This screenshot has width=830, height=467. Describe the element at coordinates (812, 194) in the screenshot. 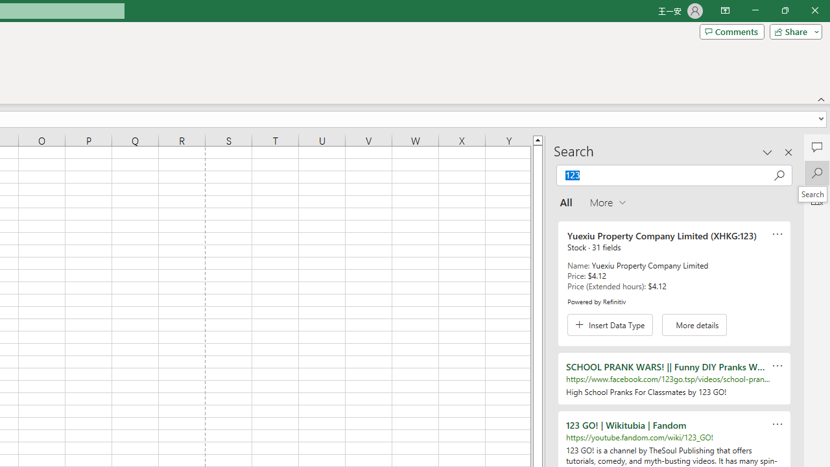

I see `'Search'` at that location.